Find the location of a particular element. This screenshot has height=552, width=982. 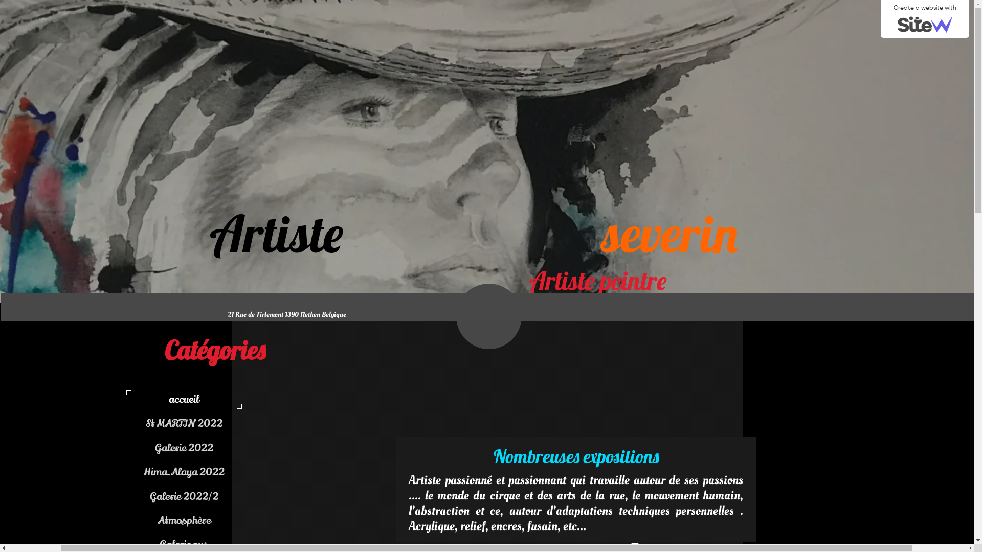

'Galerie 2022/2' is located at coordinates (187, 496).